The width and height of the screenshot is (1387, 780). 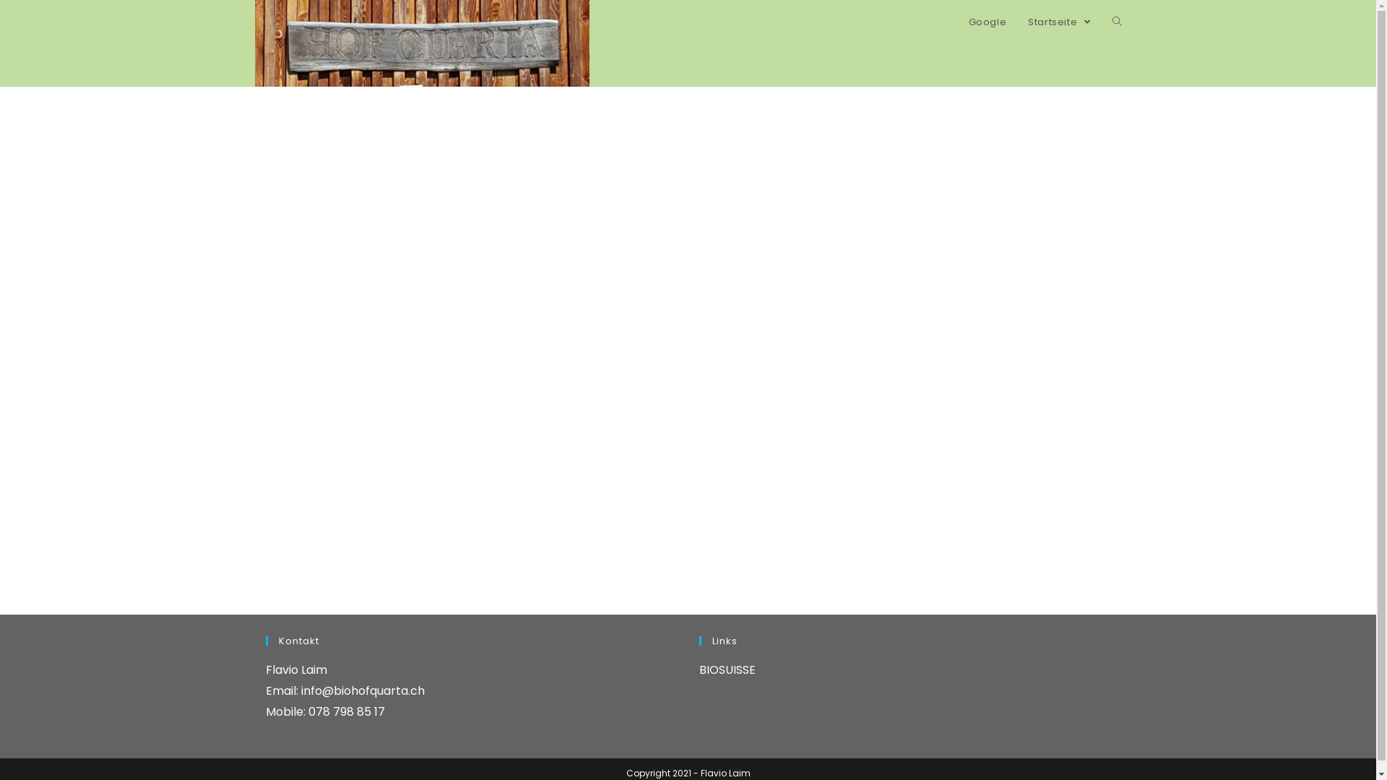 What do you see at coordinates (727, 669) in the screenshot?
I see `'BIOSUISSE'` at bounding box center [727, 669].